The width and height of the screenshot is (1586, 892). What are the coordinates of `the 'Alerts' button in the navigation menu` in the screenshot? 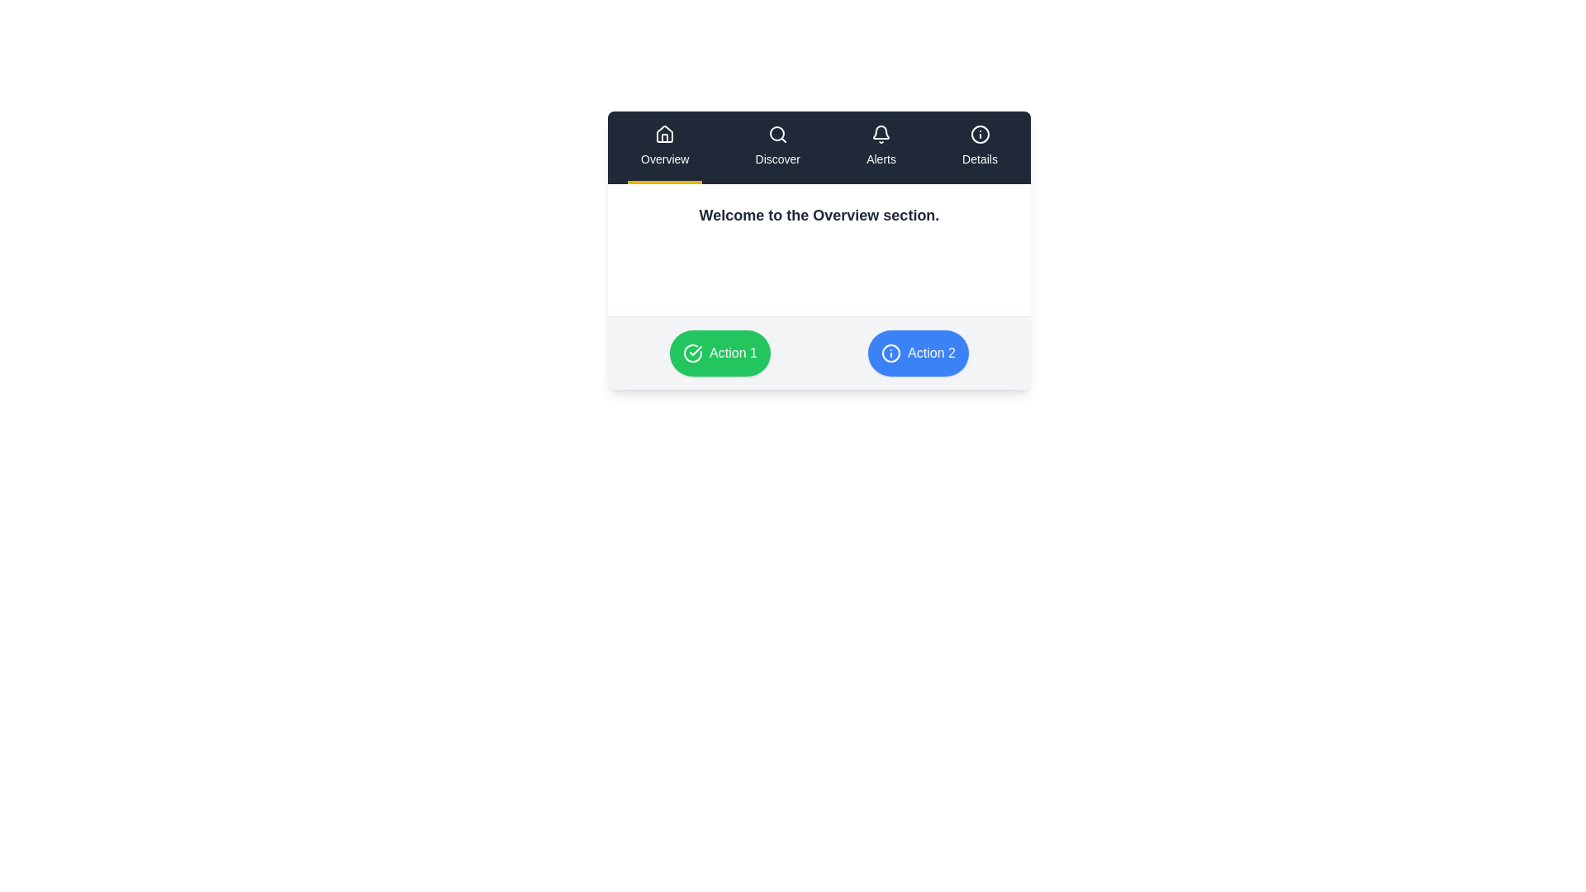 It's located at (881, 146).